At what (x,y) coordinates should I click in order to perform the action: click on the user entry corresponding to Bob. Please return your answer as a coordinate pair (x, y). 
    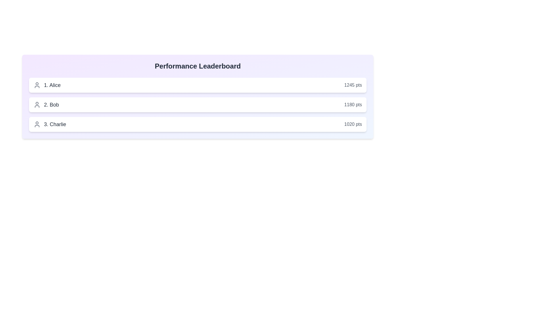
    Looking at the image, I should click on (198, 105).